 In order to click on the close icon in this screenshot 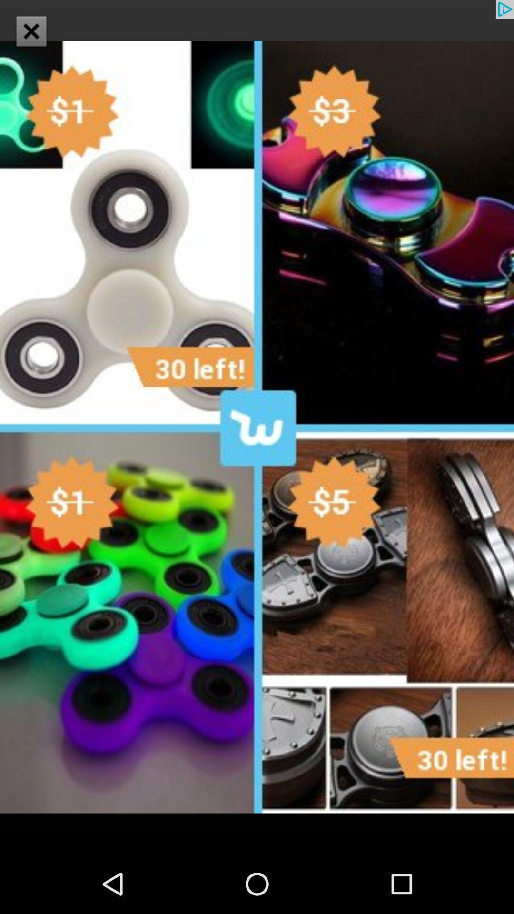, I will do `click(30, 33)`.